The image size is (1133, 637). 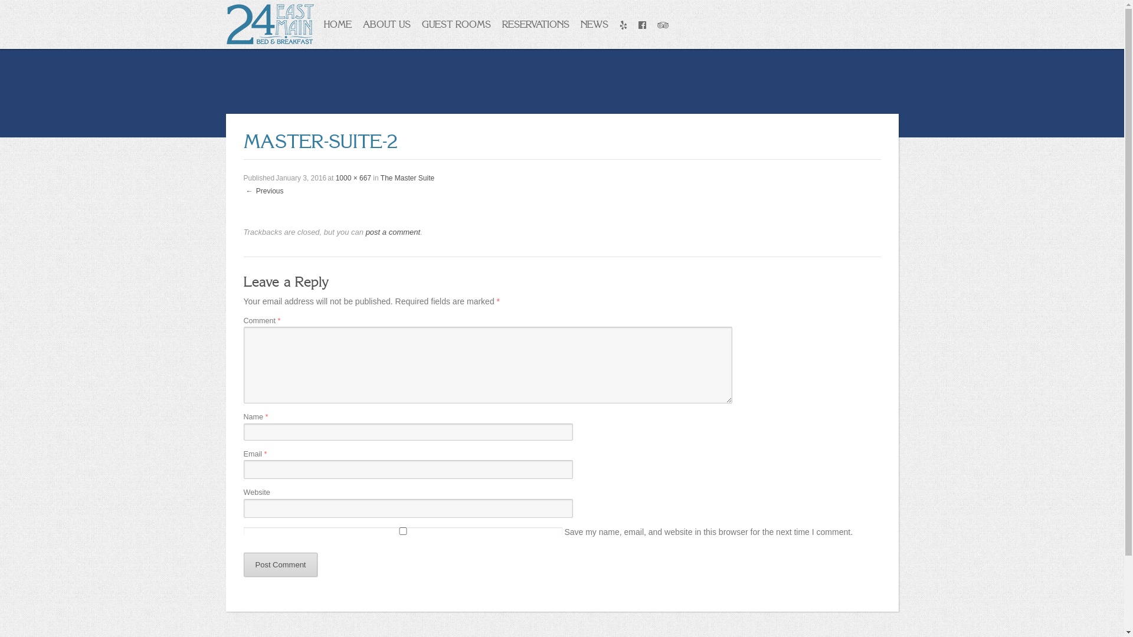 What do you see at coordinates (534, 24) in the screenshot?
I see `'RESERVATIONS'` at bounding box center [534, 24].